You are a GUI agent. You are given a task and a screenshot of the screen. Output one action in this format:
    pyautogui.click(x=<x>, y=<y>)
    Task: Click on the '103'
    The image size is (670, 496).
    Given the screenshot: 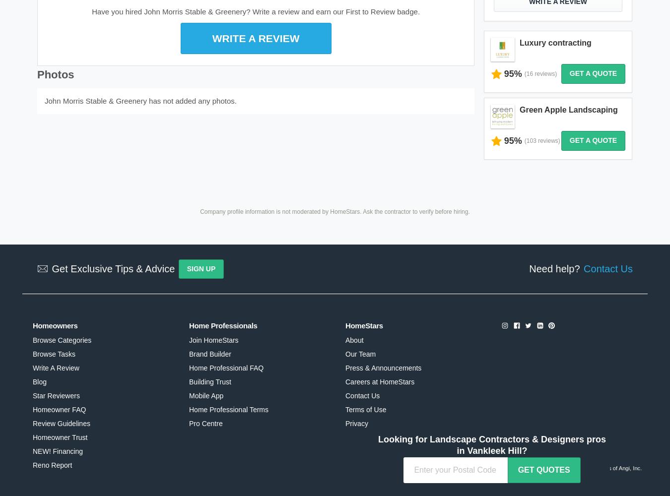 What is the action you would take?
    pyautogui.click(x=526, y=140)
    